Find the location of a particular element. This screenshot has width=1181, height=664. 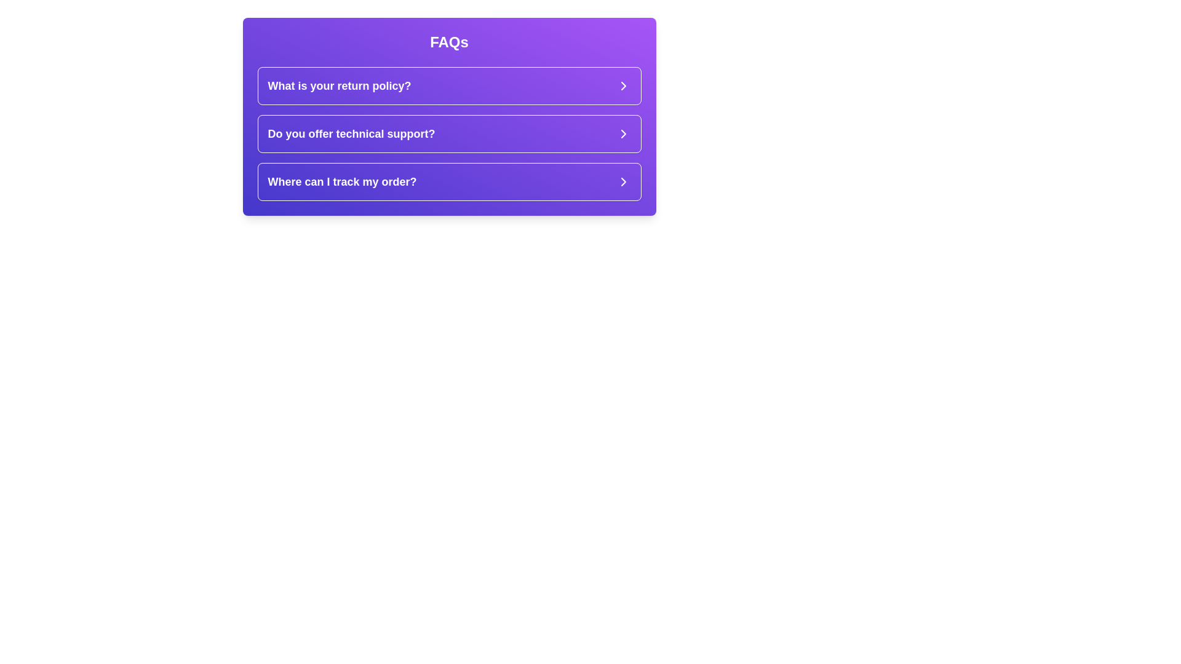

the Chevron Icon located on the right edge of the FAQ entry for 'Do you offer technical support?' is located at coordinates (623, 134).